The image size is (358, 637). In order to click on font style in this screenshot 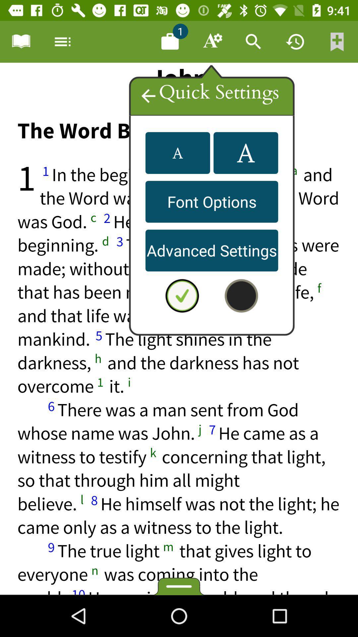, I will do `click(177, 153)`.